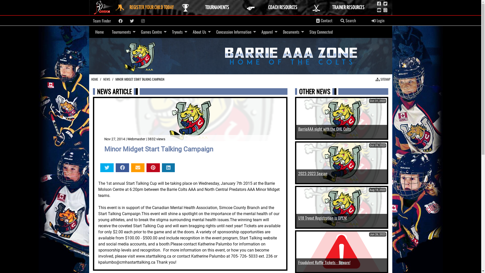 The height and width of the screenshot is (273, 485). Describe the element at coordinates (378, 20) in the screenshot. I see `' Login'` at that location.